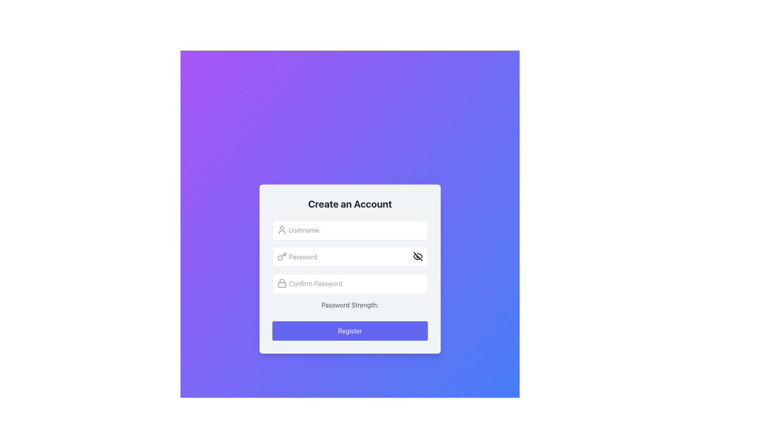 The height and width of the screenshot is (437, 777). Describe the element at coordinates (350, 257) in the screenshot. I see `the Password Input Field, which is a rectangular input field with rounded corners and a light gray border, located below the Username input field to set the focus` at that location.